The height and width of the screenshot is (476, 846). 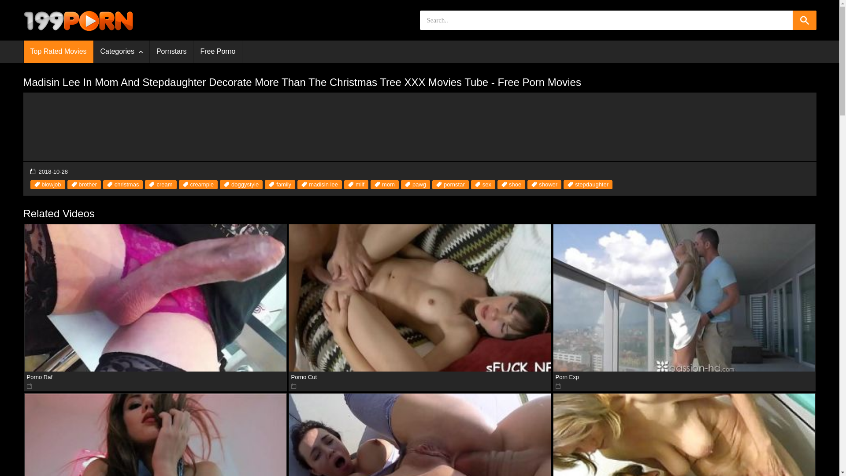 What do you see at coordinates (588, 184) in the screenshot?
I see `'stepdaughter'` at bounding box center [588, 184].